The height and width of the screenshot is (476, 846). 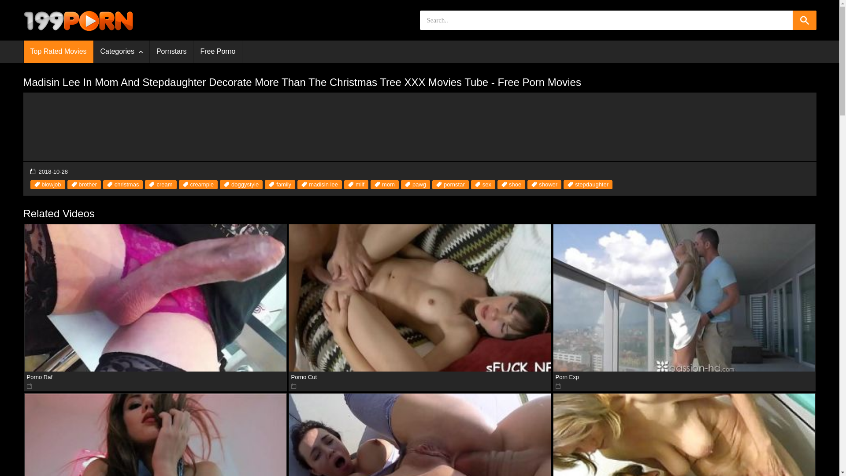 What do you see at coordinates (588, 184) in the screenshot?
I see `'stepdaughter'` at bounding box center [588, 184].